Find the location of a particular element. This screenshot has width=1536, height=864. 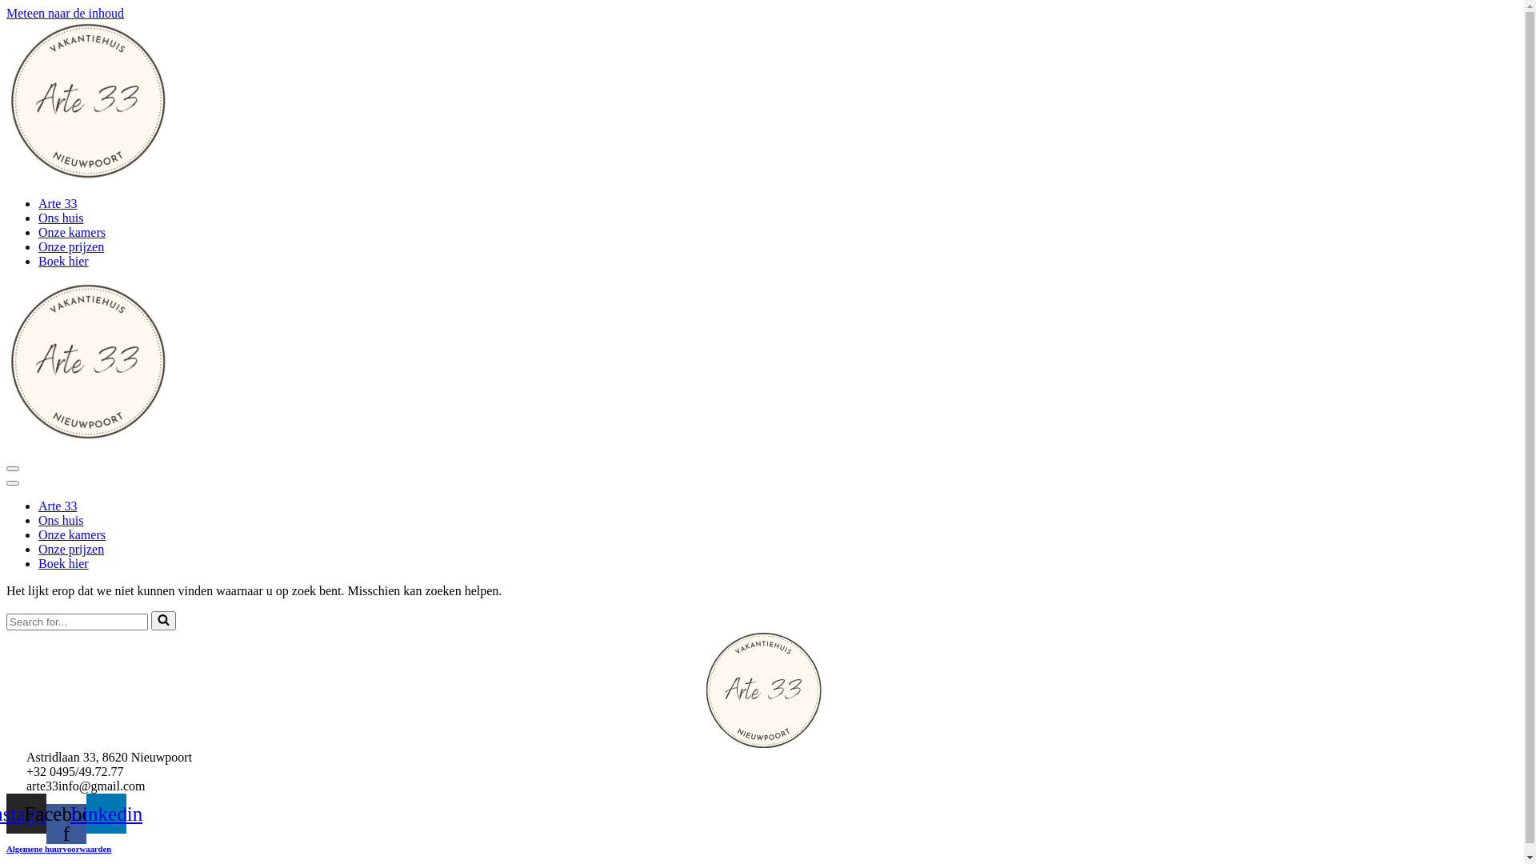

'Arte 33' is located at coordinates (58, 202).